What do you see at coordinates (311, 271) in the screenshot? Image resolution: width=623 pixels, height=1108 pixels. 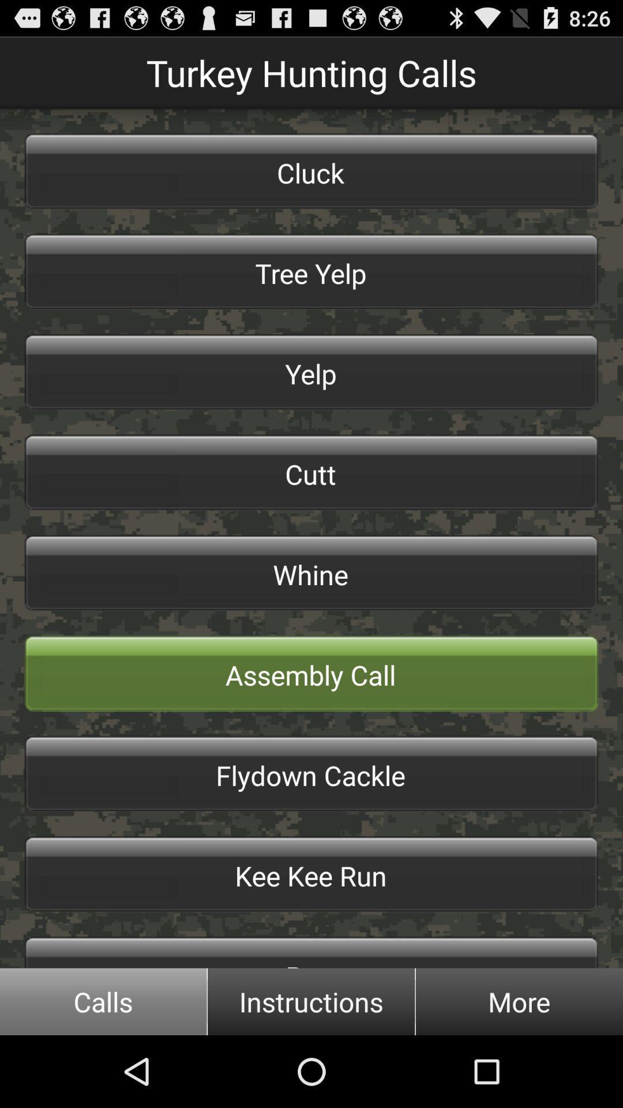 I see `tree yelp icon` at bounding box center [311, 271].